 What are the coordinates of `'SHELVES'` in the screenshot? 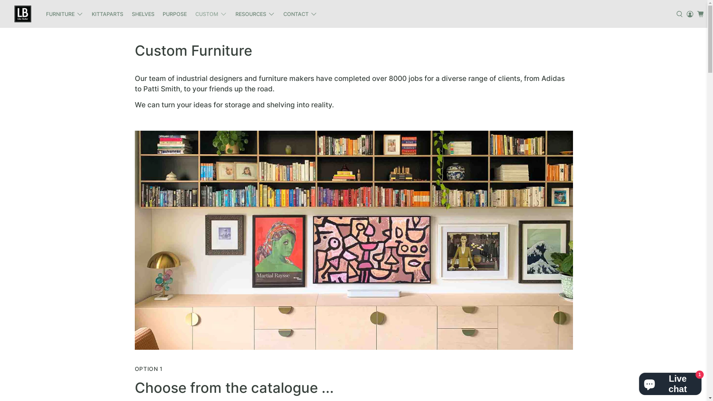 It's located at (143, 14).